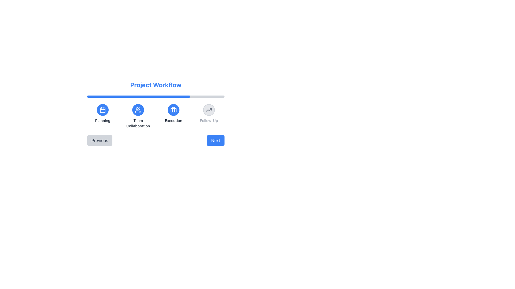 The image size is (515, 289). What do you see at coordinates (138, 123) in the screenshot?
I see `the 'Team Collaboration' text label, which is the second element in the horizontal sequence under the 'Project Workflow' heading, positioned between 'Planning' and 'Execution'` at bounding box center [138, 123].